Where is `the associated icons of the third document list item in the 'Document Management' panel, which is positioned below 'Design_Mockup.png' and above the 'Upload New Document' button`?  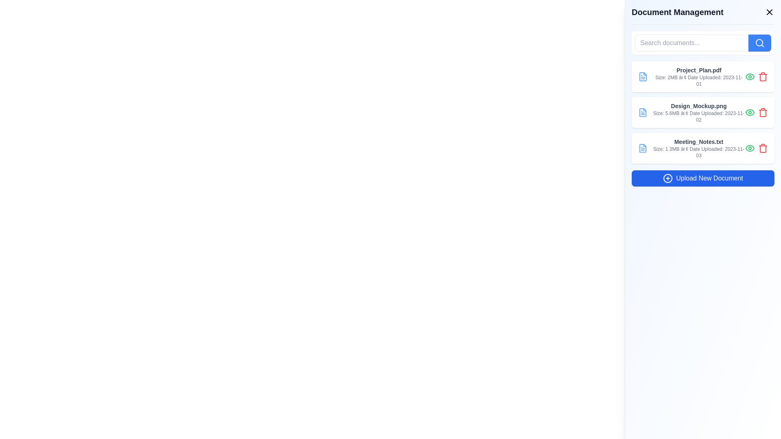
the associated icons of the third document list item in the 'Document Management' panel, which is positioned below 'Design_Mockup.png' and above the 'Upload New Document' button is located at coordinates (702, 148).